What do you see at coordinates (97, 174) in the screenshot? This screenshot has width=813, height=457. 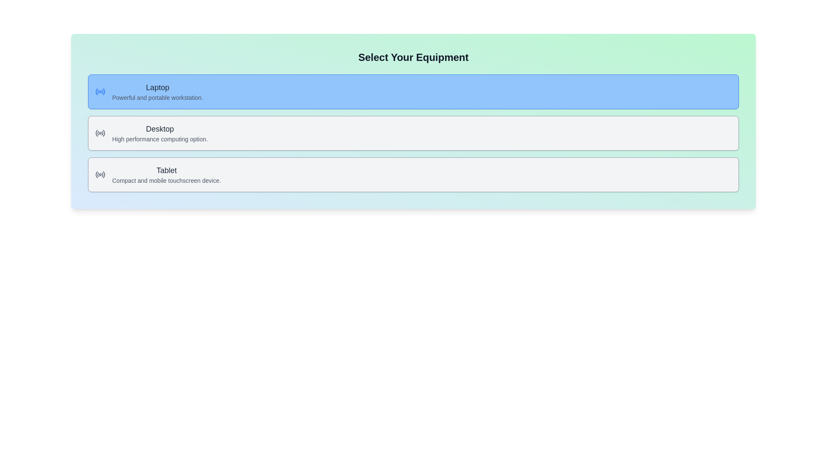 I see `the Decorative Icon Component representing the 'Tablet' selection option` at bounding box center [97, 174].